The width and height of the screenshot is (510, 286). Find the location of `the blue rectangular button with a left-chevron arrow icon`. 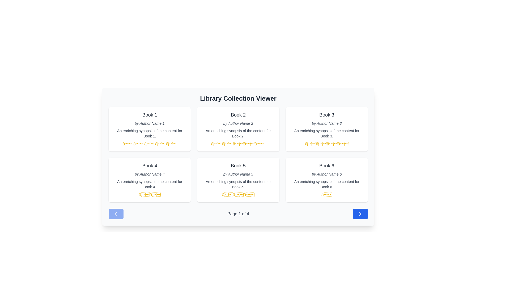

the blue rectangular button with a left-chevron arrow icon is located at coordinates (116, 213).